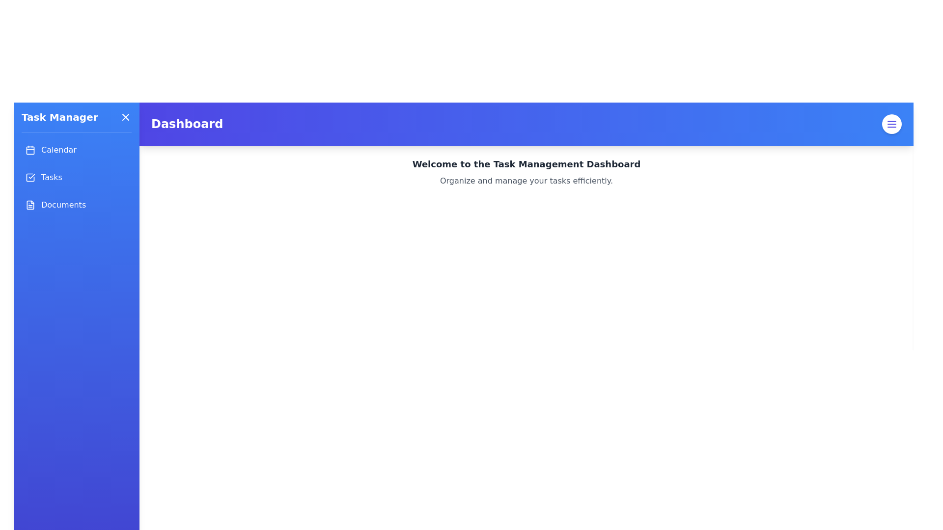  What do you see at coordinates (59, 117) in the screenshot?
I see `the title text indicating the purpose of the task management tool in the vertical navigation bar` at bounding box center [59, 117].